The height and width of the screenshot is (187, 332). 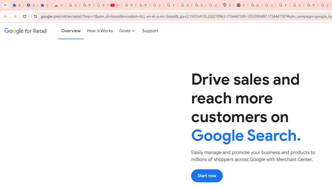 What do you see at coordinates (240, 5) in the screenshot?
I see `'New Tab'` at bounding box center [240, 5].